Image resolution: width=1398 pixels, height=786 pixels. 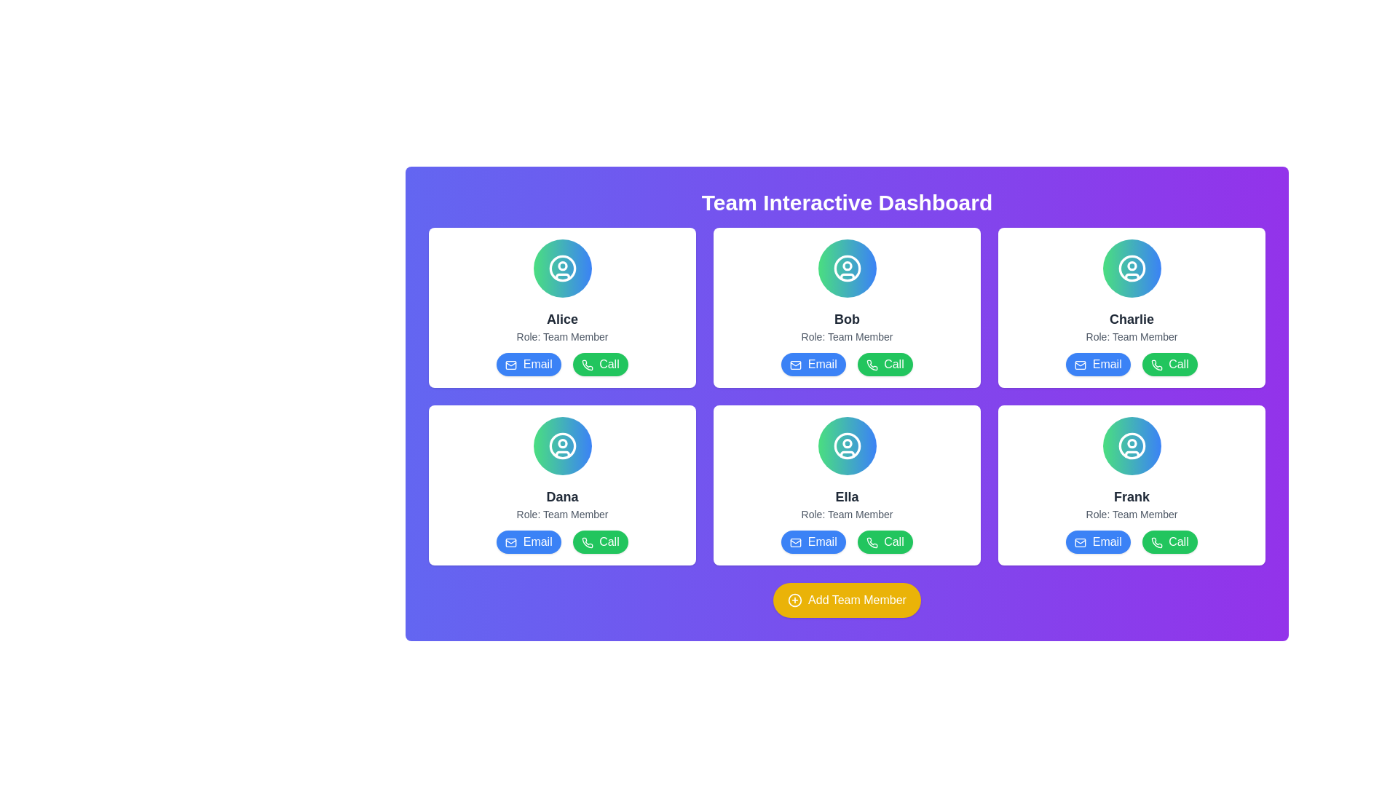 What do you see at coordinates (847, 336) in the screenshot?
I see `static text label indicating the role of the person as 'Team Member' located below the name 'Bob' in the profile card` at bounding box center [847, 336].